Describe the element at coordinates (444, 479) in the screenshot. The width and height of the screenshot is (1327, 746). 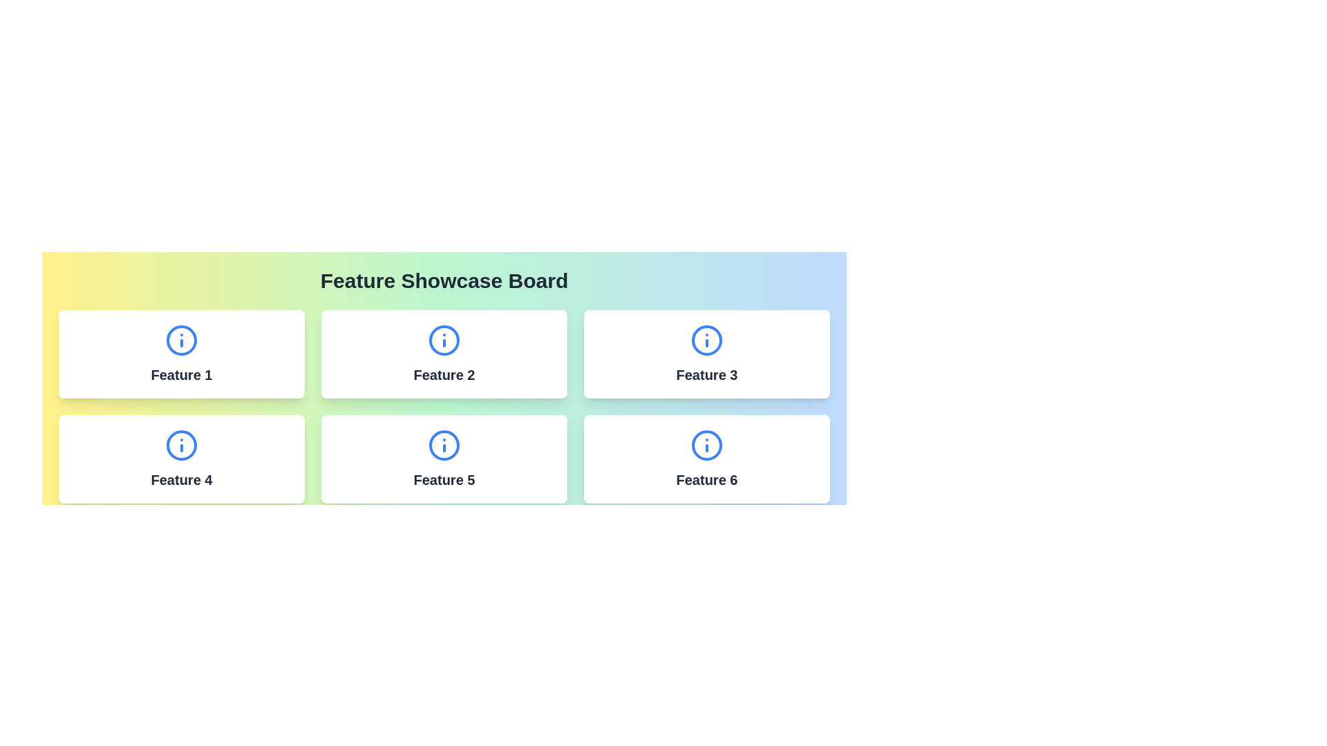
I see `the text label 'Feature 5' located at the bottom center of the fifth card in a 3x2 grid layout` at that location.